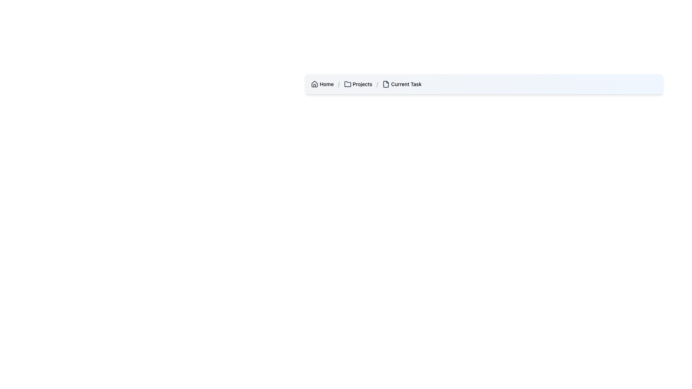 The height and width of the screenshot is (389, 692). Describe the element at coordinates (362, 84) in the screenshot. I see `the 'Projects' text label in the breadcrumb navigation, which indicates the current or previous navigation state` at that location.